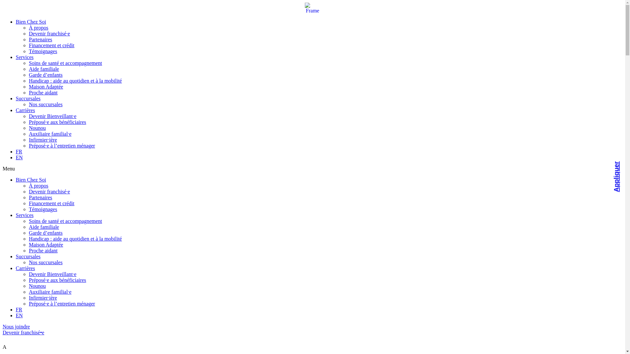 This screenshot has width=630, height=354. I want to click on 'Succursales', so click(28, 256).